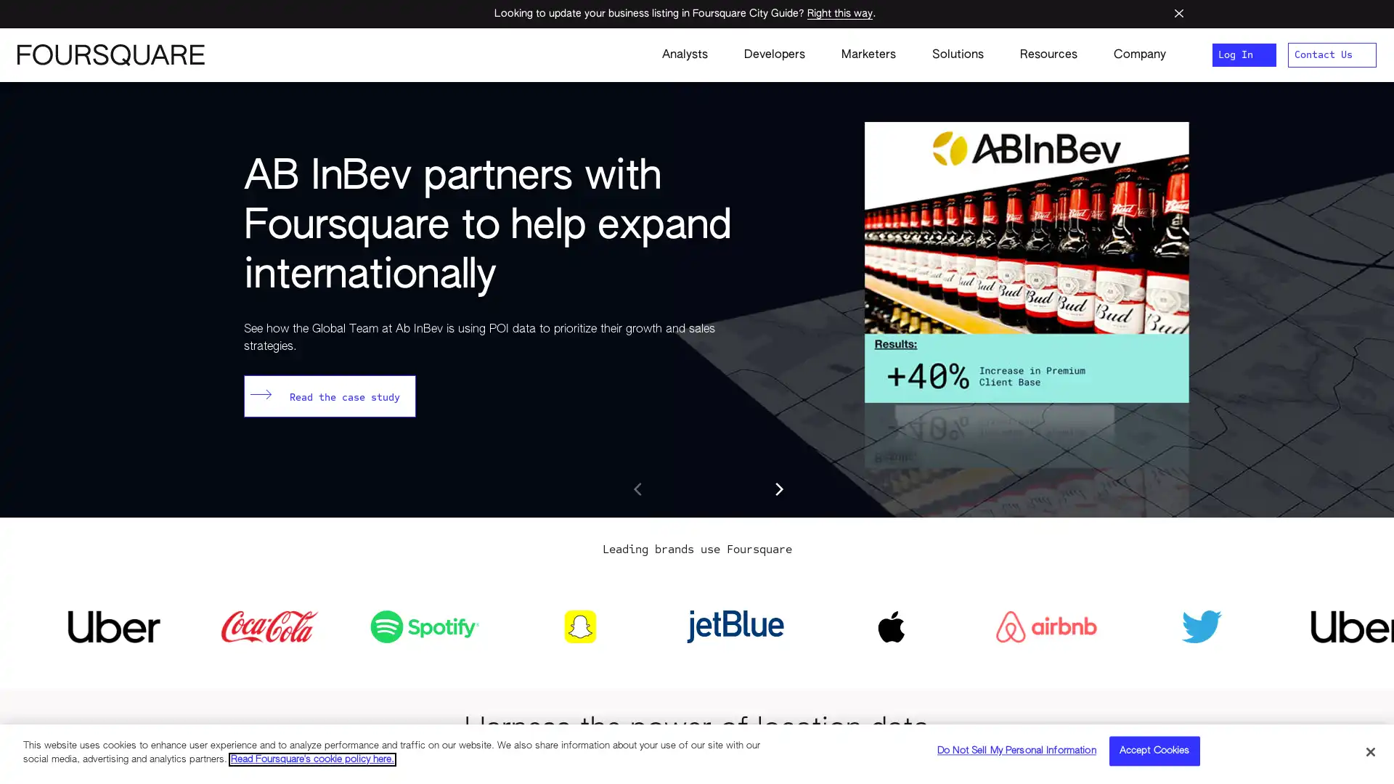 Image resolution: width=1394 pixels, height=784 pixels. Describe the element at coordinates (1016, 751) in the screenshot. I see `Do Not Sell My Personal Information` at that location.